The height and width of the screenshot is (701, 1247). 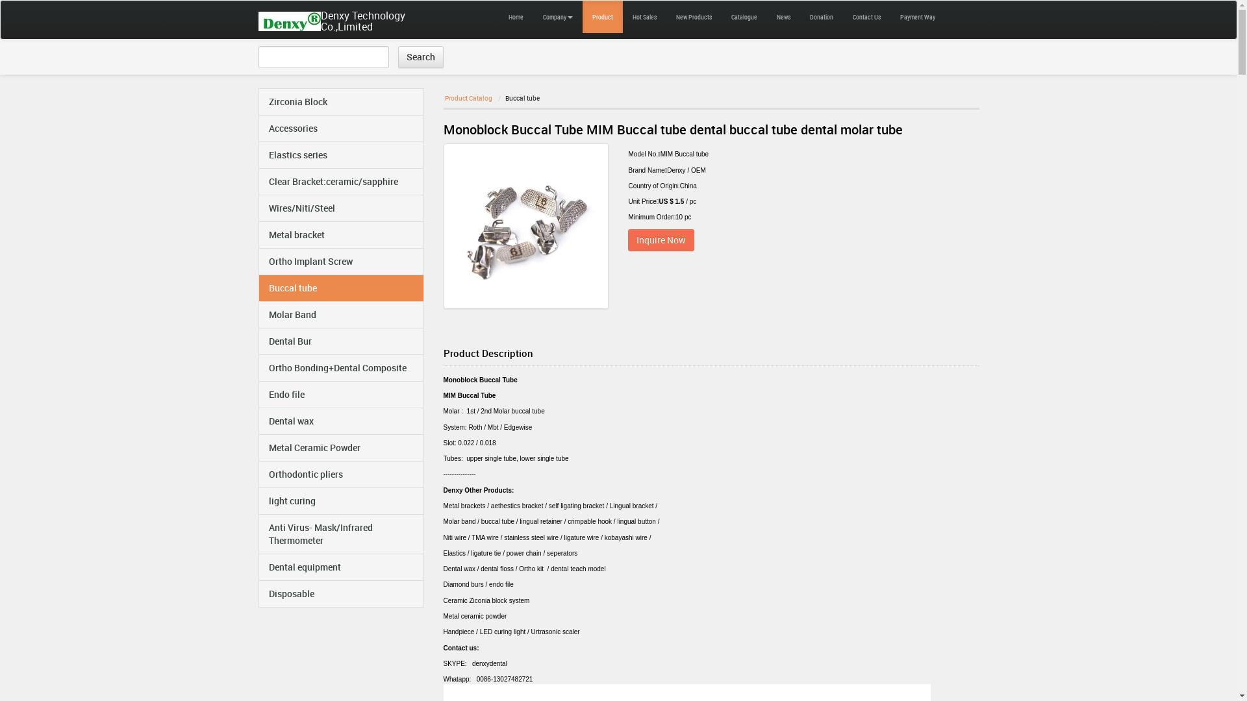 I want to click on 'Ortho Bonding+Dental Composite', so click(x=340, y=368).